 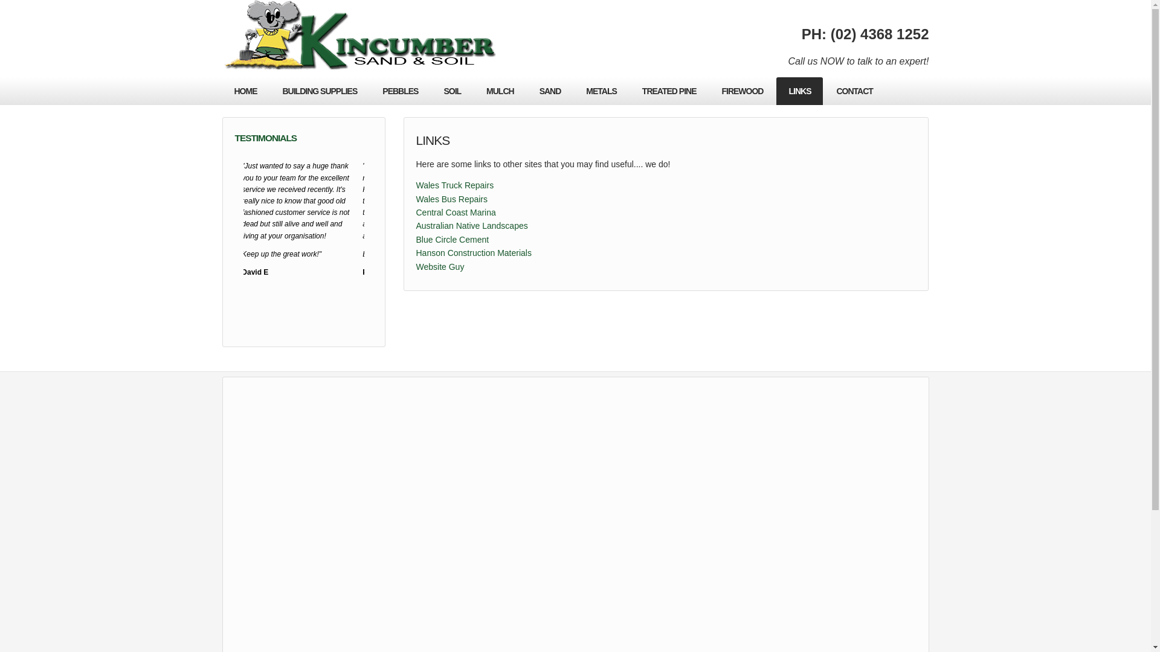 What do you see at coordinates (601, 90) in the screenshot?
I see `'METALS'` at bounding box center [601, 90].